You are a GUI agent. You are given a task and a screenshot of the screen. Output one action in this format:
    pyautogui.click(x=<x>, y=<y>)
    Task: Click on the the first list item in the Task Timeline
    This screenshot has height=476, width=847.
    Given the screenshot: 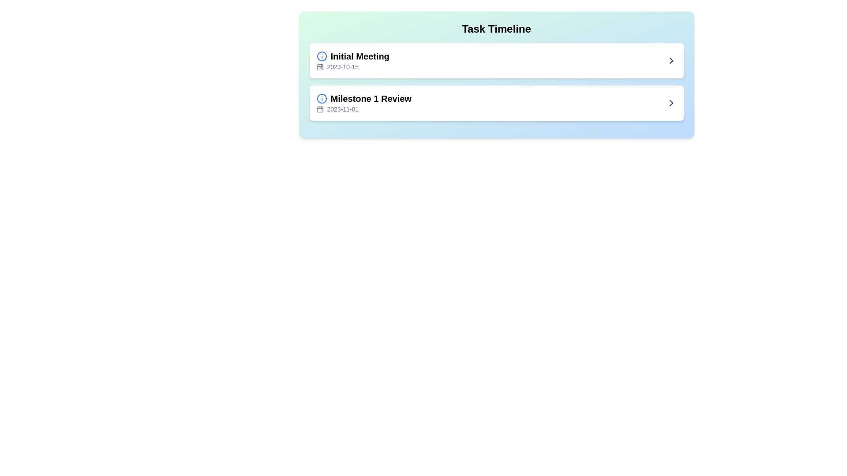 What is the action you would take?
    pyautogui.click(x=496, y=60)
    